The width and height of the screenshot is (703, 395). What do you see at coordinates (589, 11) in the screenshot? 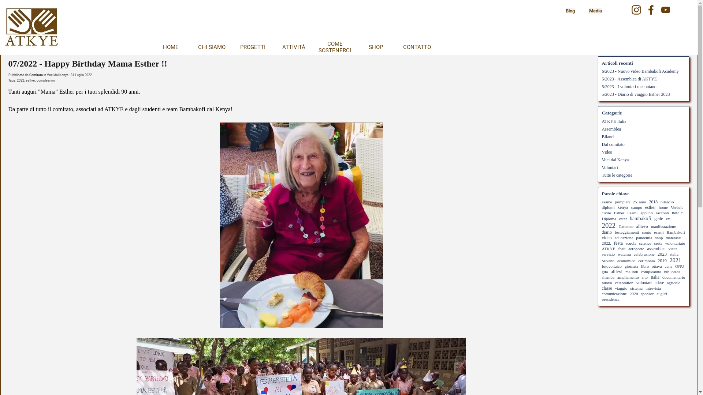
I see `'Media'` at bounding box center [589, 11].